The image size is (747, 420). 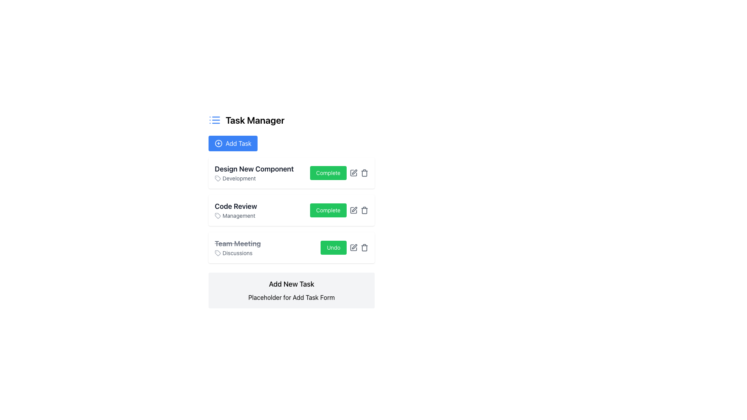 What do you see at coordinates (364, 210) in the screenshot?
I see `the trash can icon button located at the far-right end of the 'Code Review' task row` at bounding box center [364, 210].